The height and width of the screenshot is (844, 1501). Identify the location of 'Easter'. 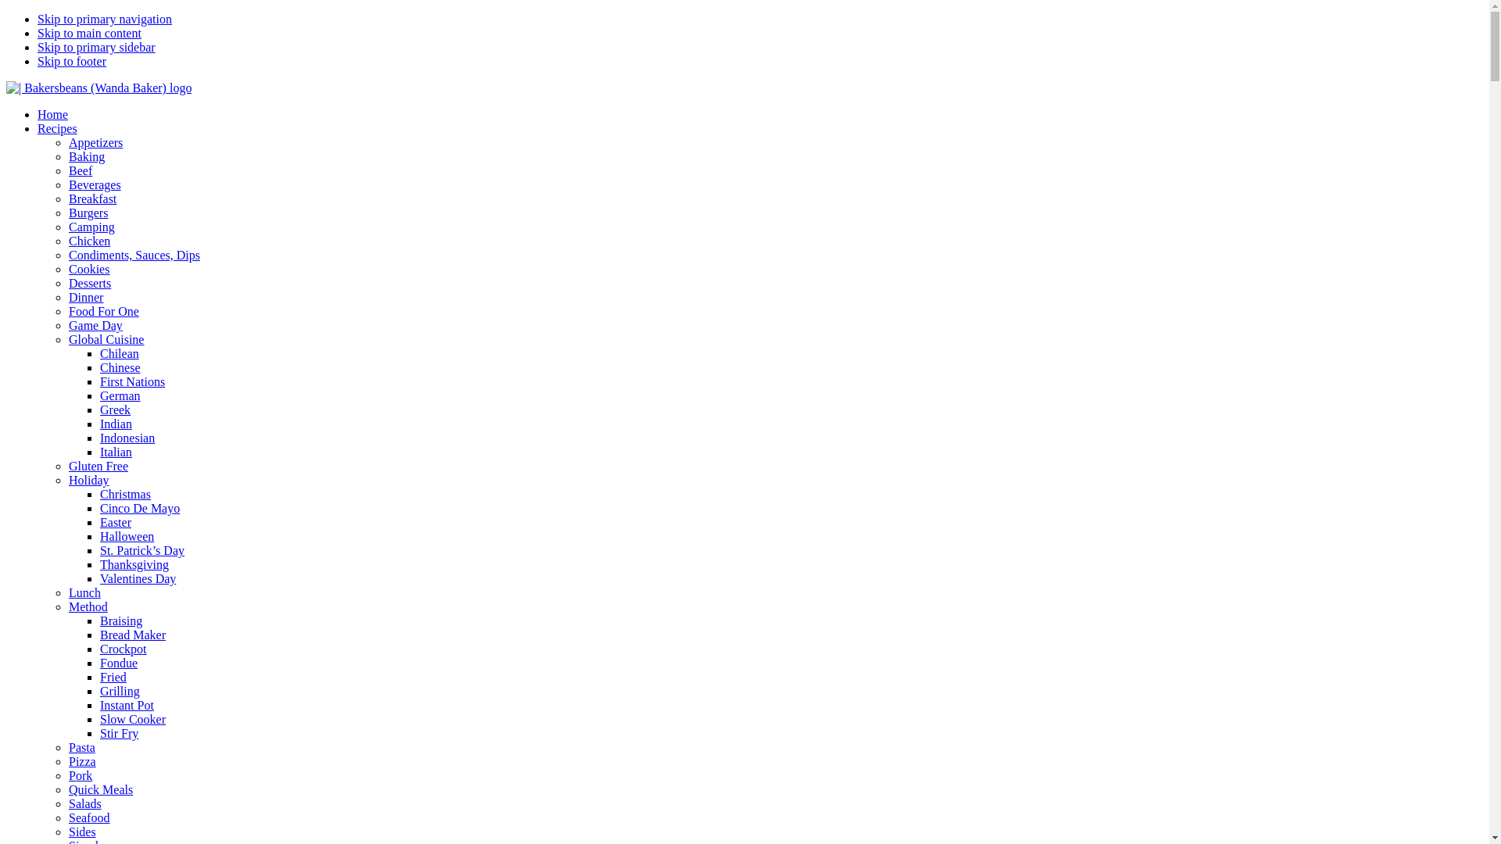
(99, 522).